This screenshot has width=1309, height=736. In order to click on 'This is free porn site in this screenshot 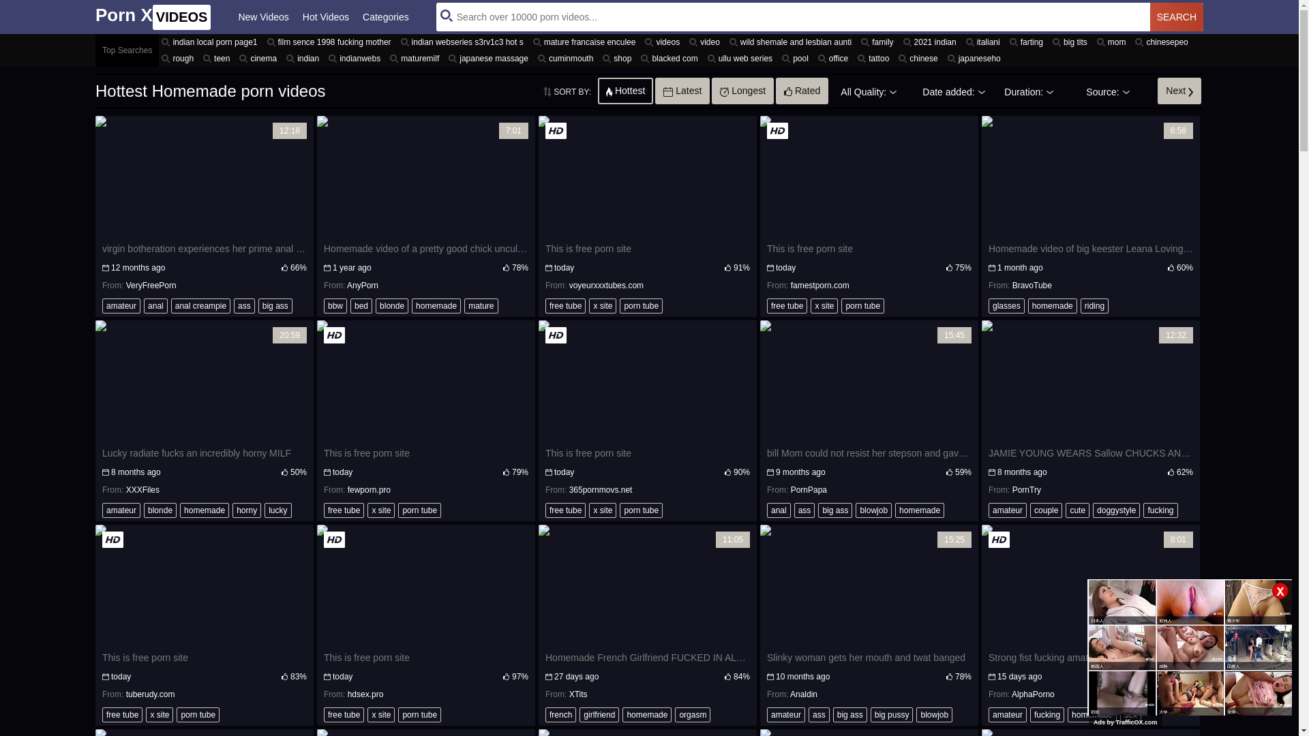, I will do `click(647, 196)`.